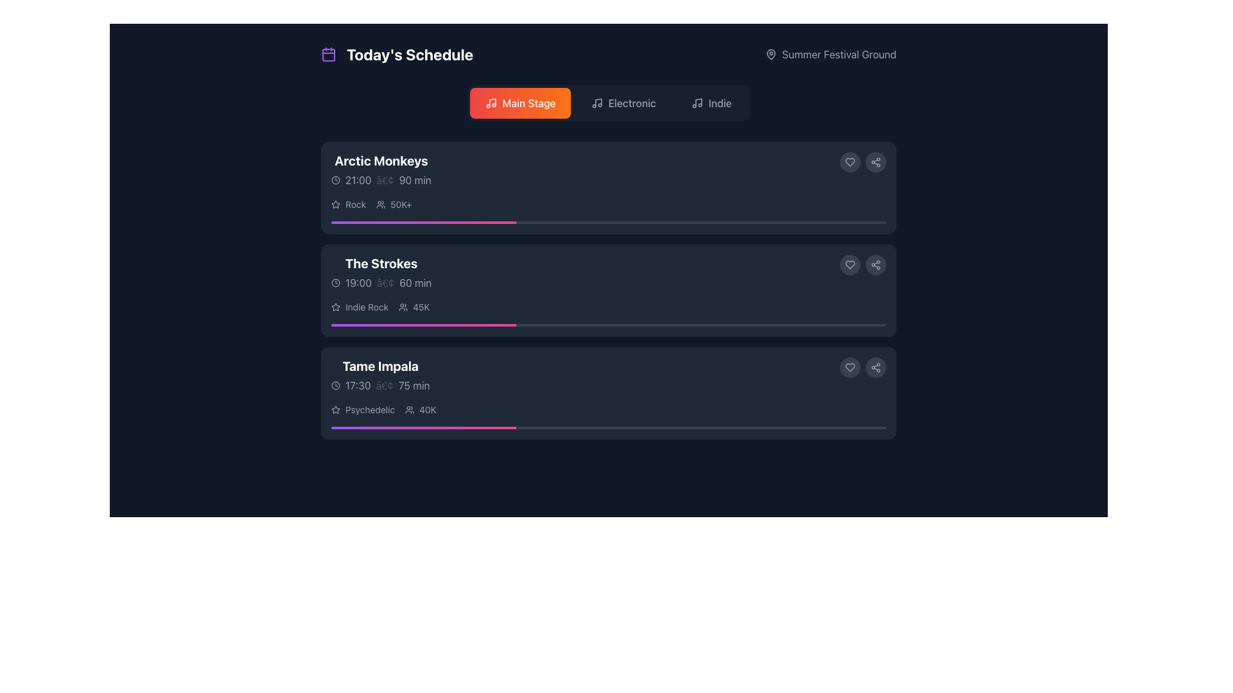 This screenshot has height=693, width=1233. Describe the element at coordinates (380, 180) in the screenshot. I see `the non-interactive text label displaying the time and duration of the event, located beneath the 'Arctic Monkeys' title in the upper-left quadrant of the interface` at that location.